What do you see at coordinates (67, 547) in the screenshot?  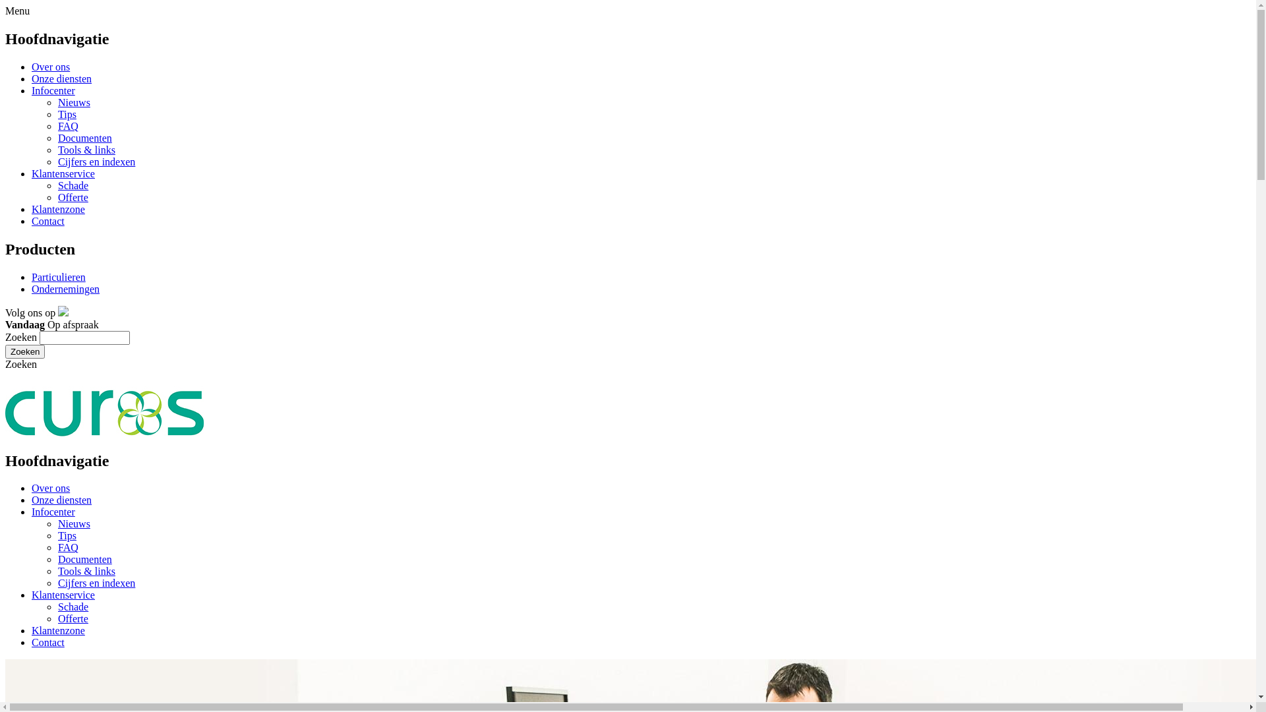 I see `'FAQ'` at bounding box center [67, 547].